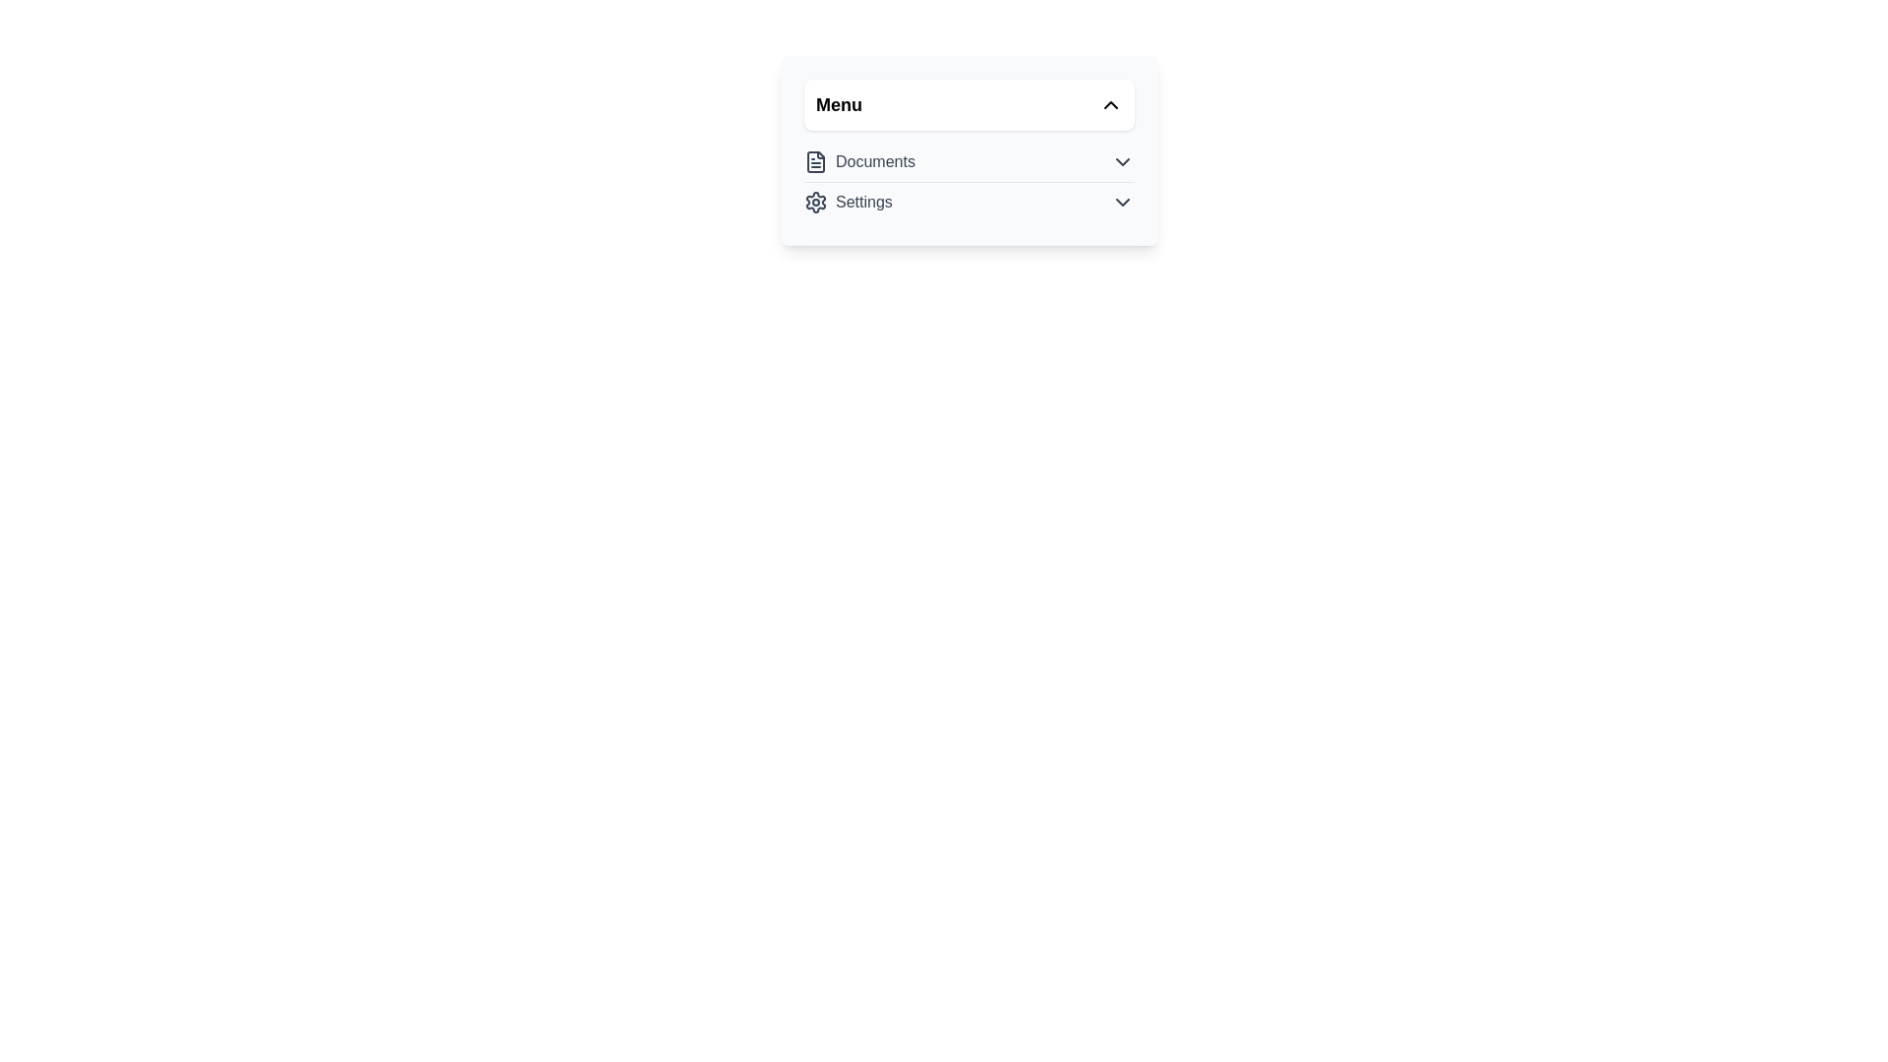  I want to click on the 'Settings' menu item, which features a settings gear icon on the left and the text 'Settings' on the right, so click(848, 202).